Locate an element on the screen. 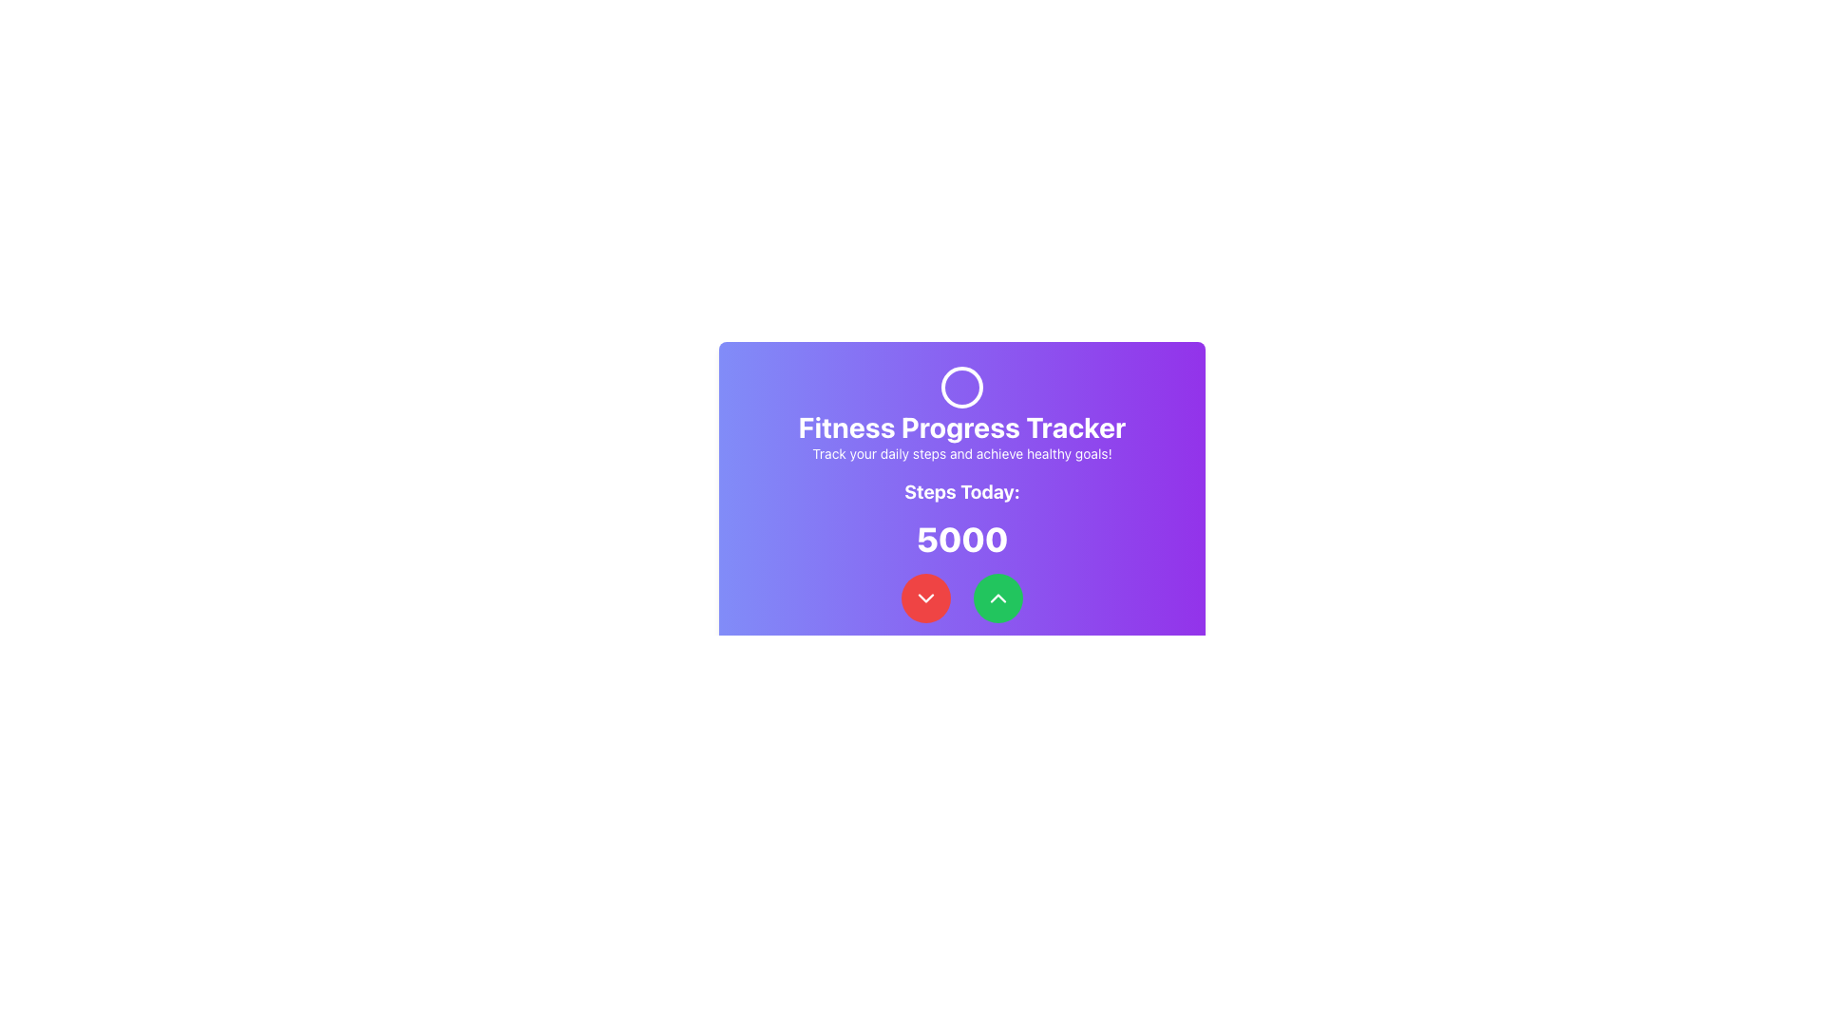 The width and height of the screenshot is (1824, 1026). the text element displaying the phrase 'Track your daily steps and achieve healthy goals!' which is centered beneath the 'Fitness Progress Tracker' heading and above the 'Steps Today:' label is located at coordinates (961, 454).